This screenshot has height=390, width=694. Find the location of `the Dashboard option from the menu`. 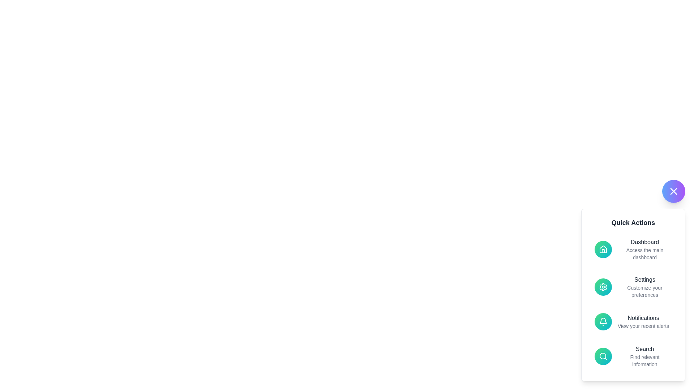

the Dashboard option from the menu is located at coordinates (633, 249).